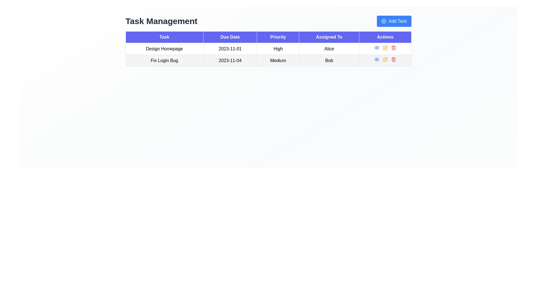 The image size is (536, 302). I want to click on the first Table Header Cell that labels the 'Task' category, located at the top-left corner of the table, so click(164, 37).